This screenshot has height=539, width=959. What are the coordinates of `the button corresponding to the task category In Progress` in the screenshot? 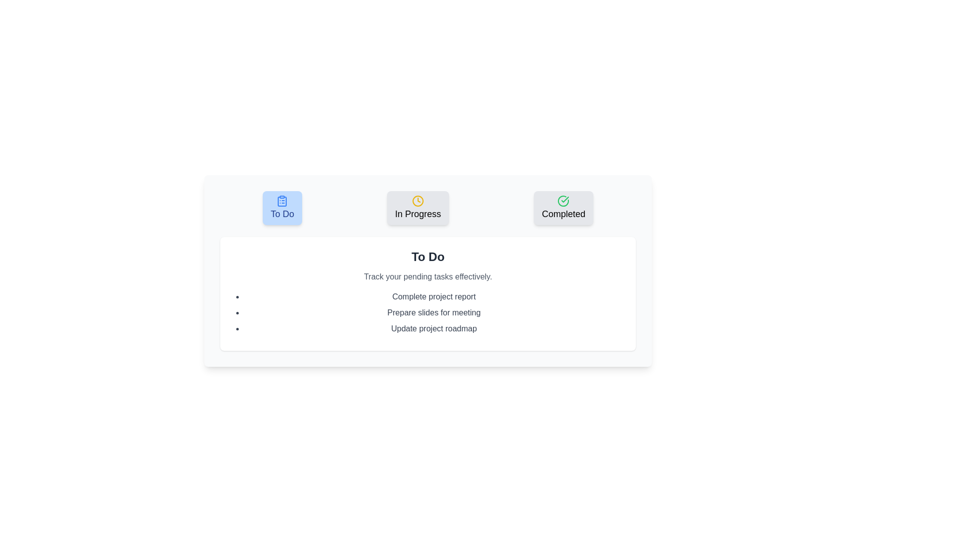 It's located at (417, 207).